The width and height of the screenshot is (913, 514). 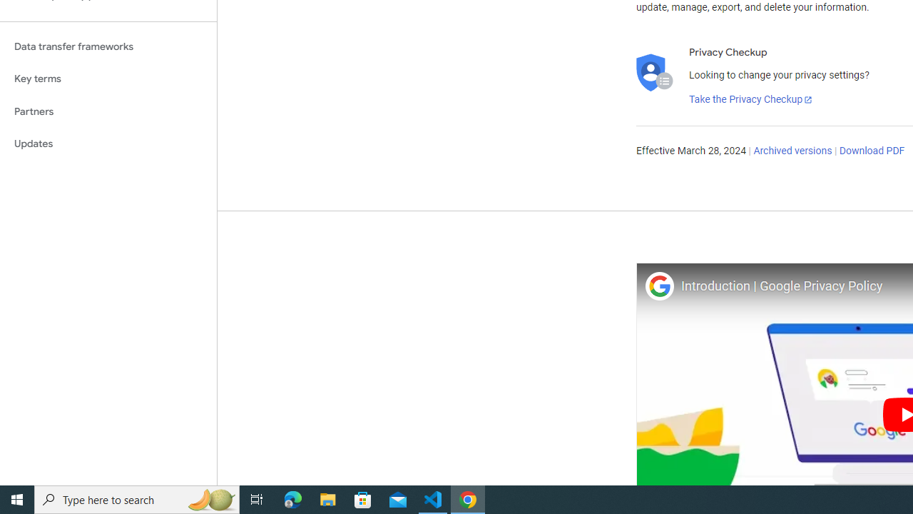 I want to click on 'Partners', so click(x=108, y=111).